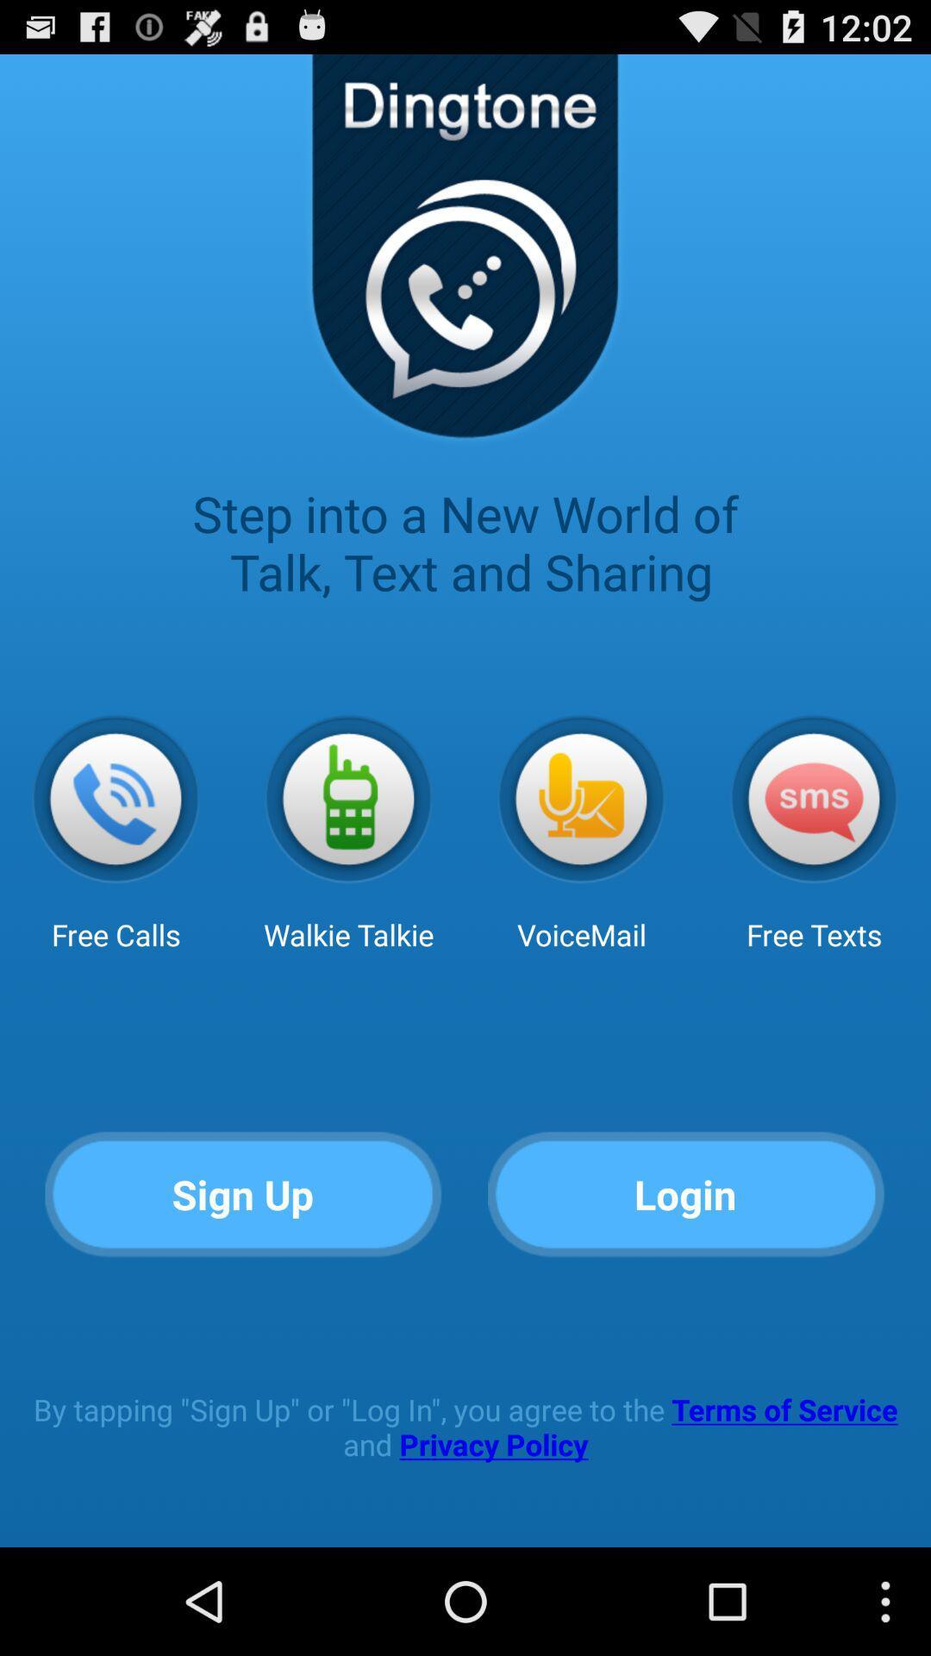  Describe the element at coordinates (465, 1427) in the screenshot. I see `by tapping sign item` at that location.